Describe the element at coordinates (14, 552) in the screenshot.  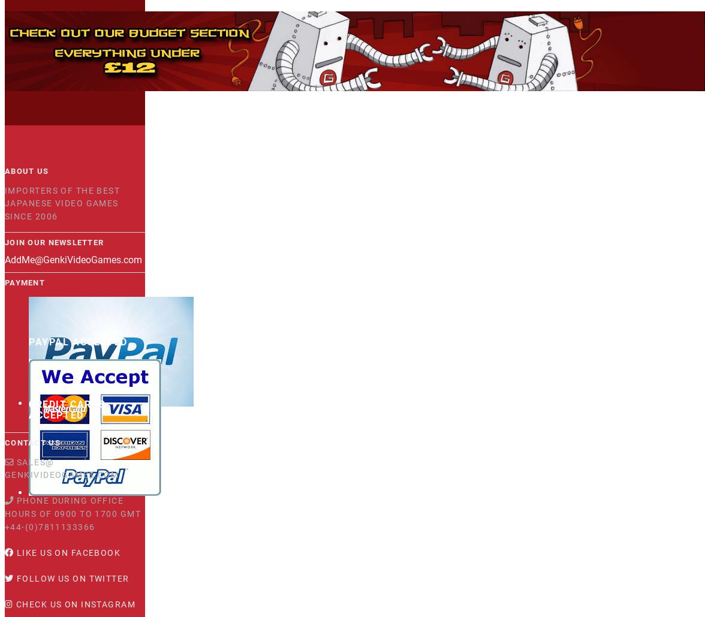
I see `'Like us on Facebook'` at that location.